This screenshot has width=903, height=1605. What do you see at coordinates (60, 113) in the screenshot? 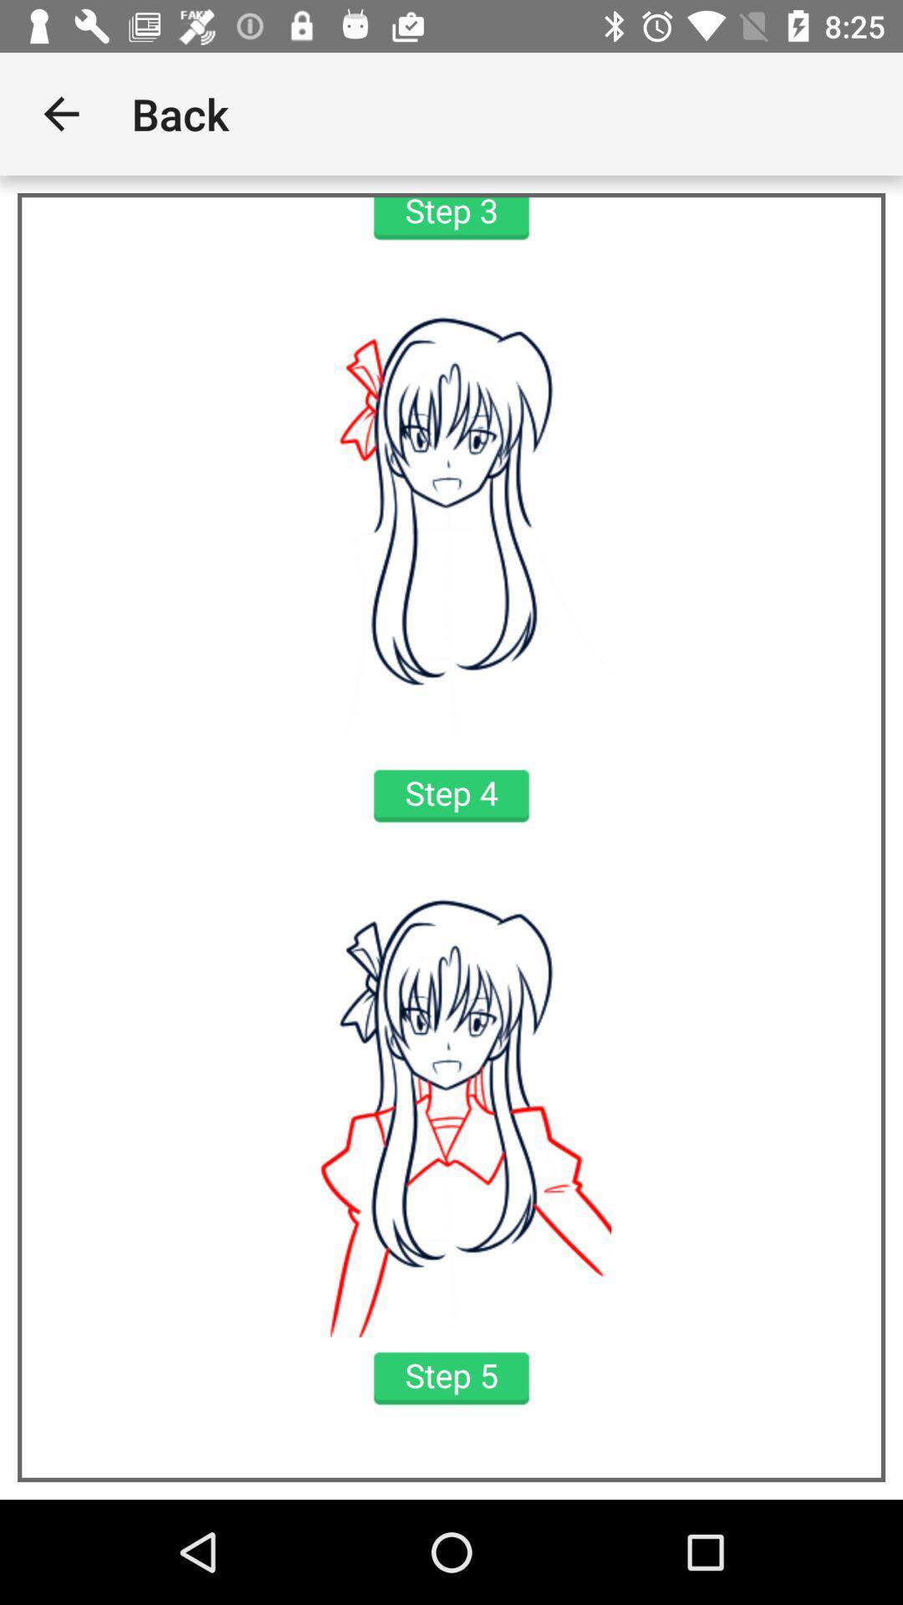
I see `the icon next to back app` at bounding box center [60, 113].